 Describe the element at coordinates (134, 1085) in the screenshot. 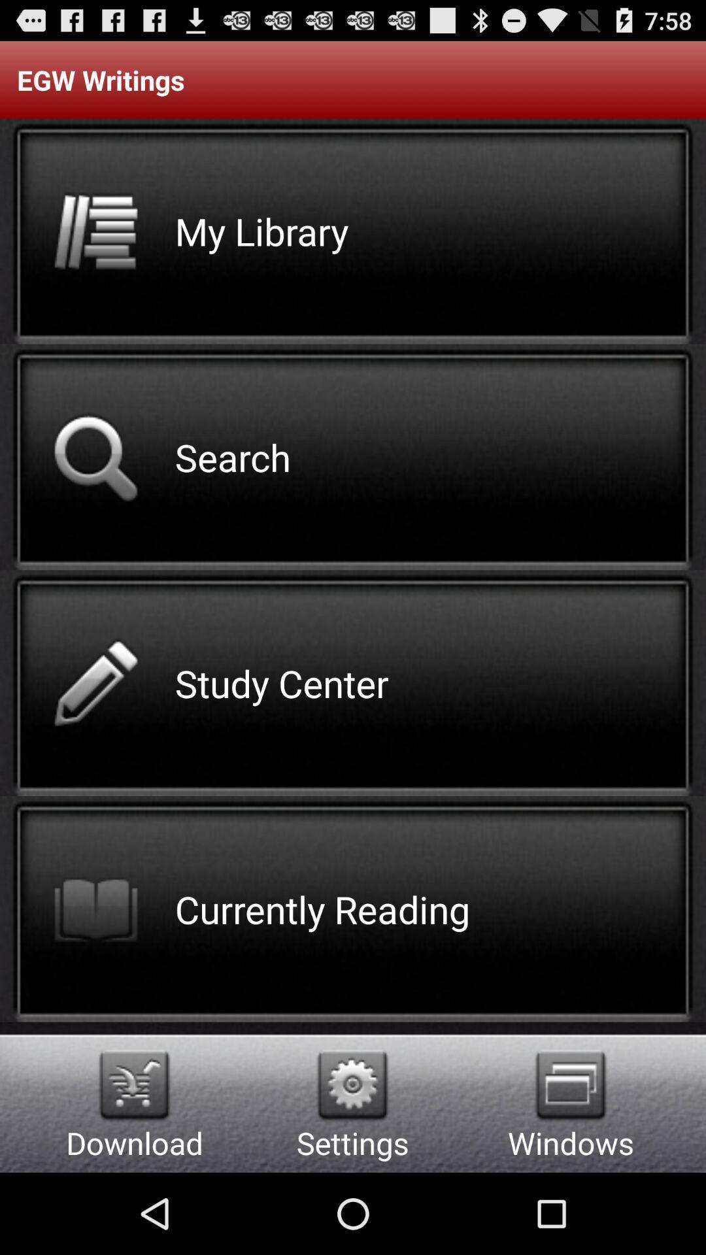

I see `download writings` at that location.